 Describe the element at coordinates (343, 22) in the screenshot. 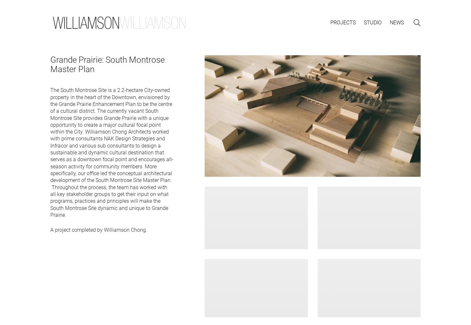

I see `'Projects'` at that location.